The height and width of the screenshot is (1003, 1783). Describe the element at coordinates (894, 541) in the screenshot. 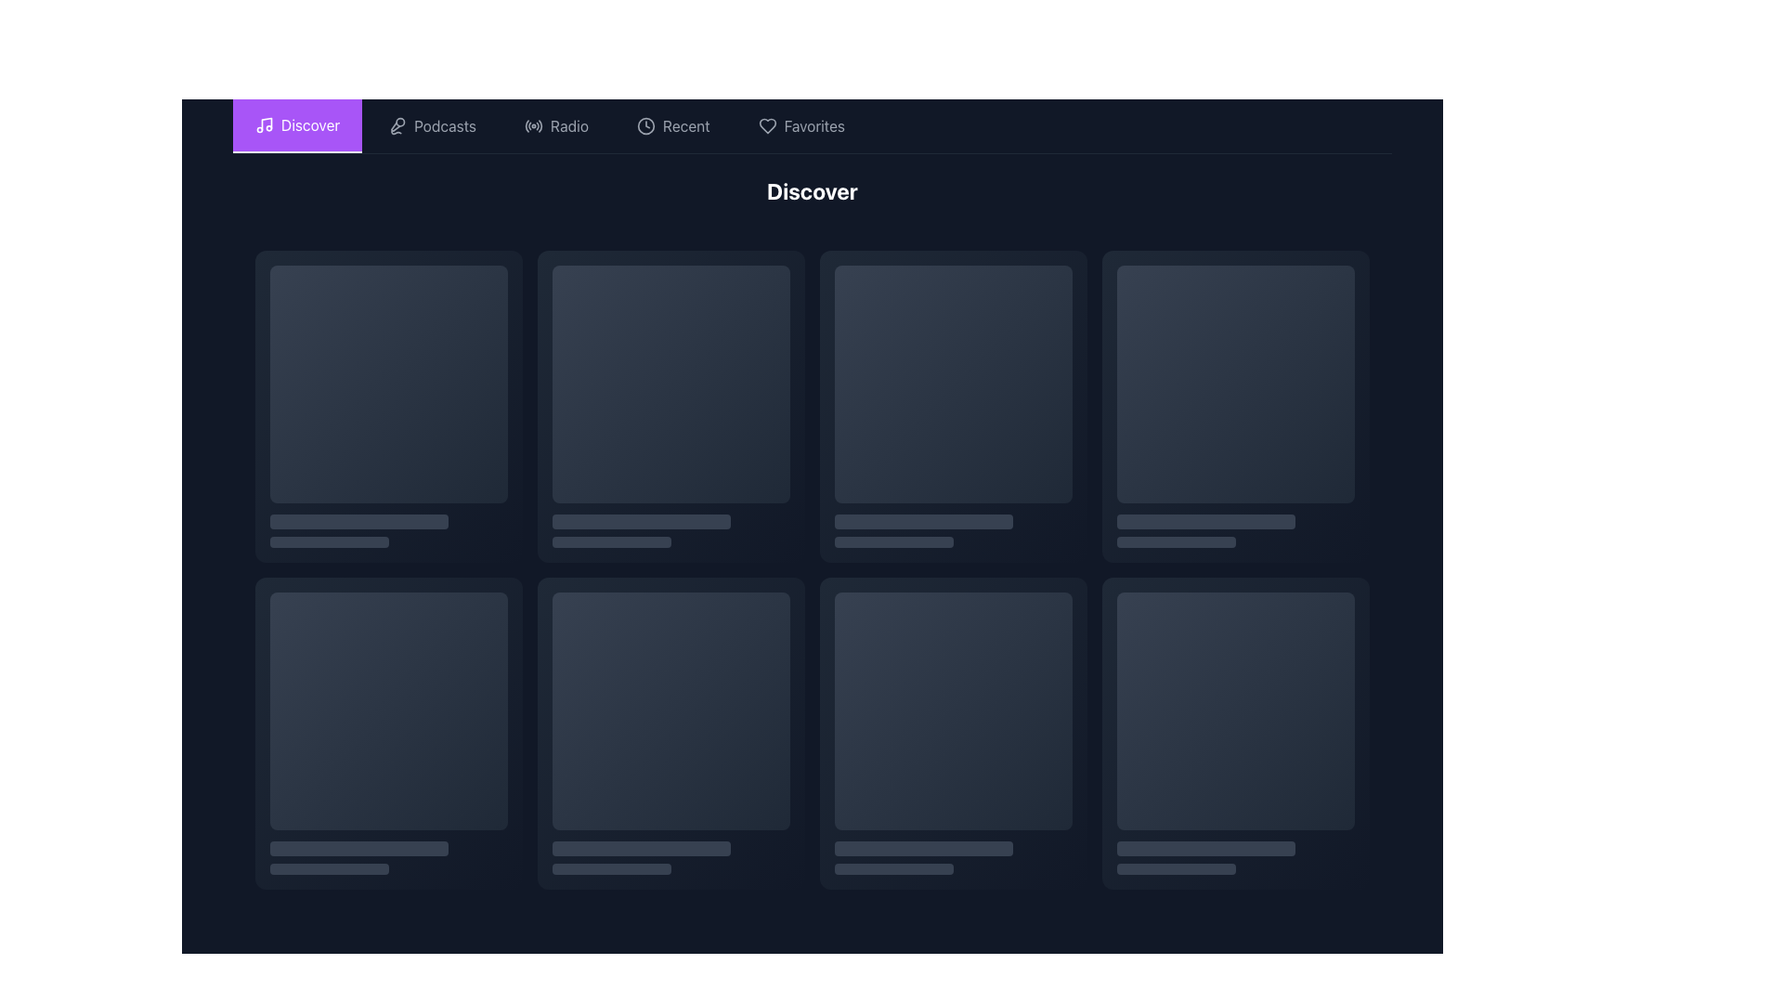

I see `the decorative progress bar located in the second column of the topmost row in the grid layout, specifically the second bar from the bottom of the highlighted card area` at that location.